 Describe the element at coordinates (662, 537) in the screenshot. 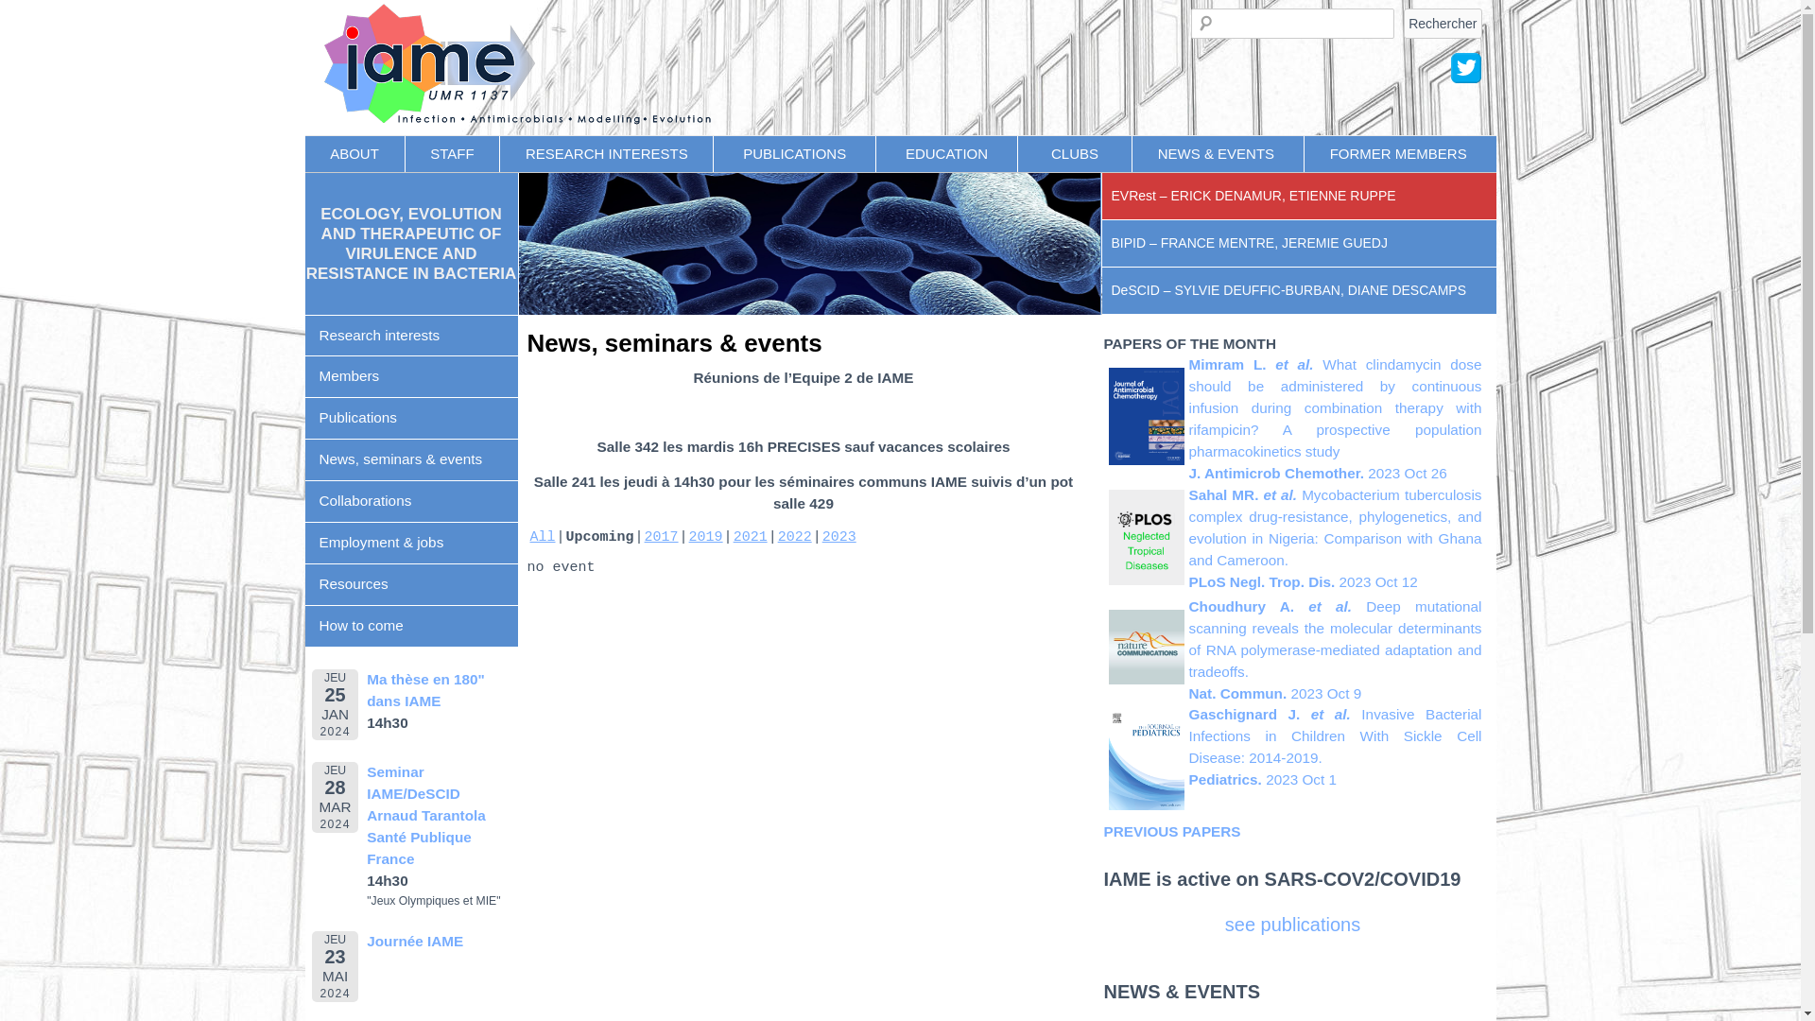

I see `'2017'` at that location.